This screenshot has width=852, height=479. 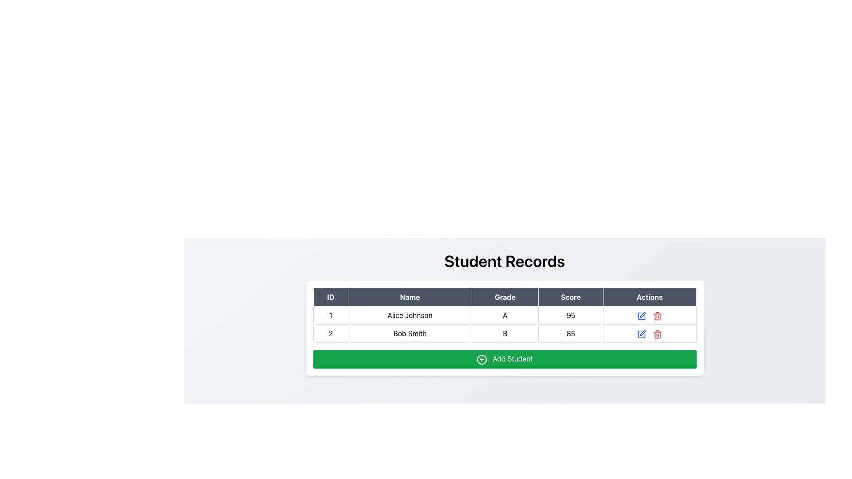 I want to click on the label in the second row of the table under the 'ID' column, which serves as an identifier for the second entry, so click(x=330, y=334).